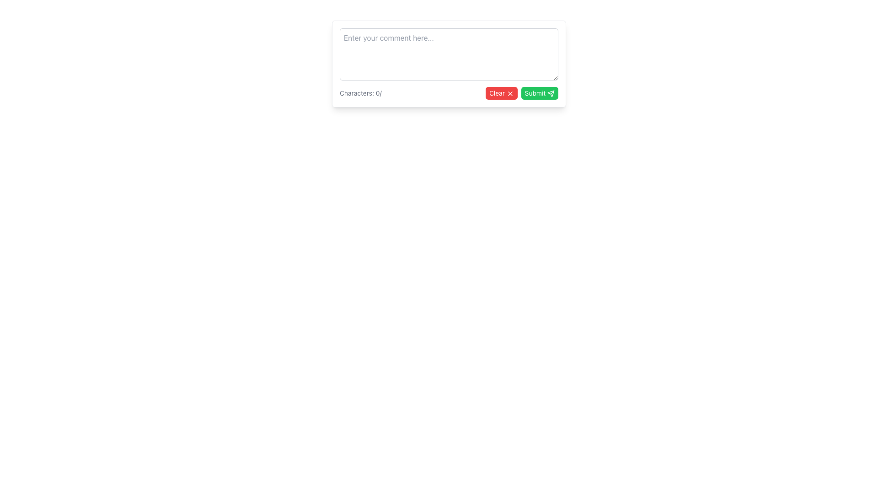 Image resolution: width=878 pixels, height=494 pixels. What do you see at coordinates (540, 93) in the screenshot?
I see `the green 'Submit' button with rounded corners, located to the right of the 'Clear' button` at bounding box center [540, 93].